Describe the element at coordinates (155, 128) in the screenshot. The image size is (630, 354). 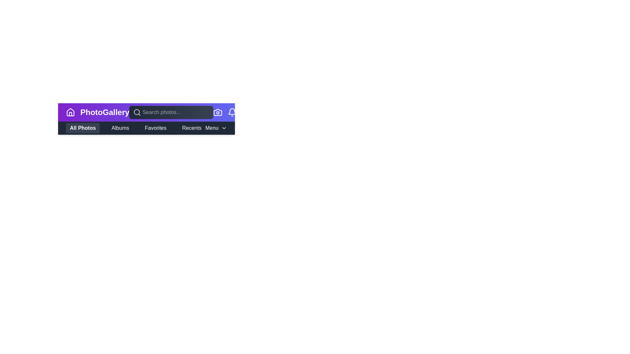
I see `the Favorites button to activate the corresponding navigation` at that location.